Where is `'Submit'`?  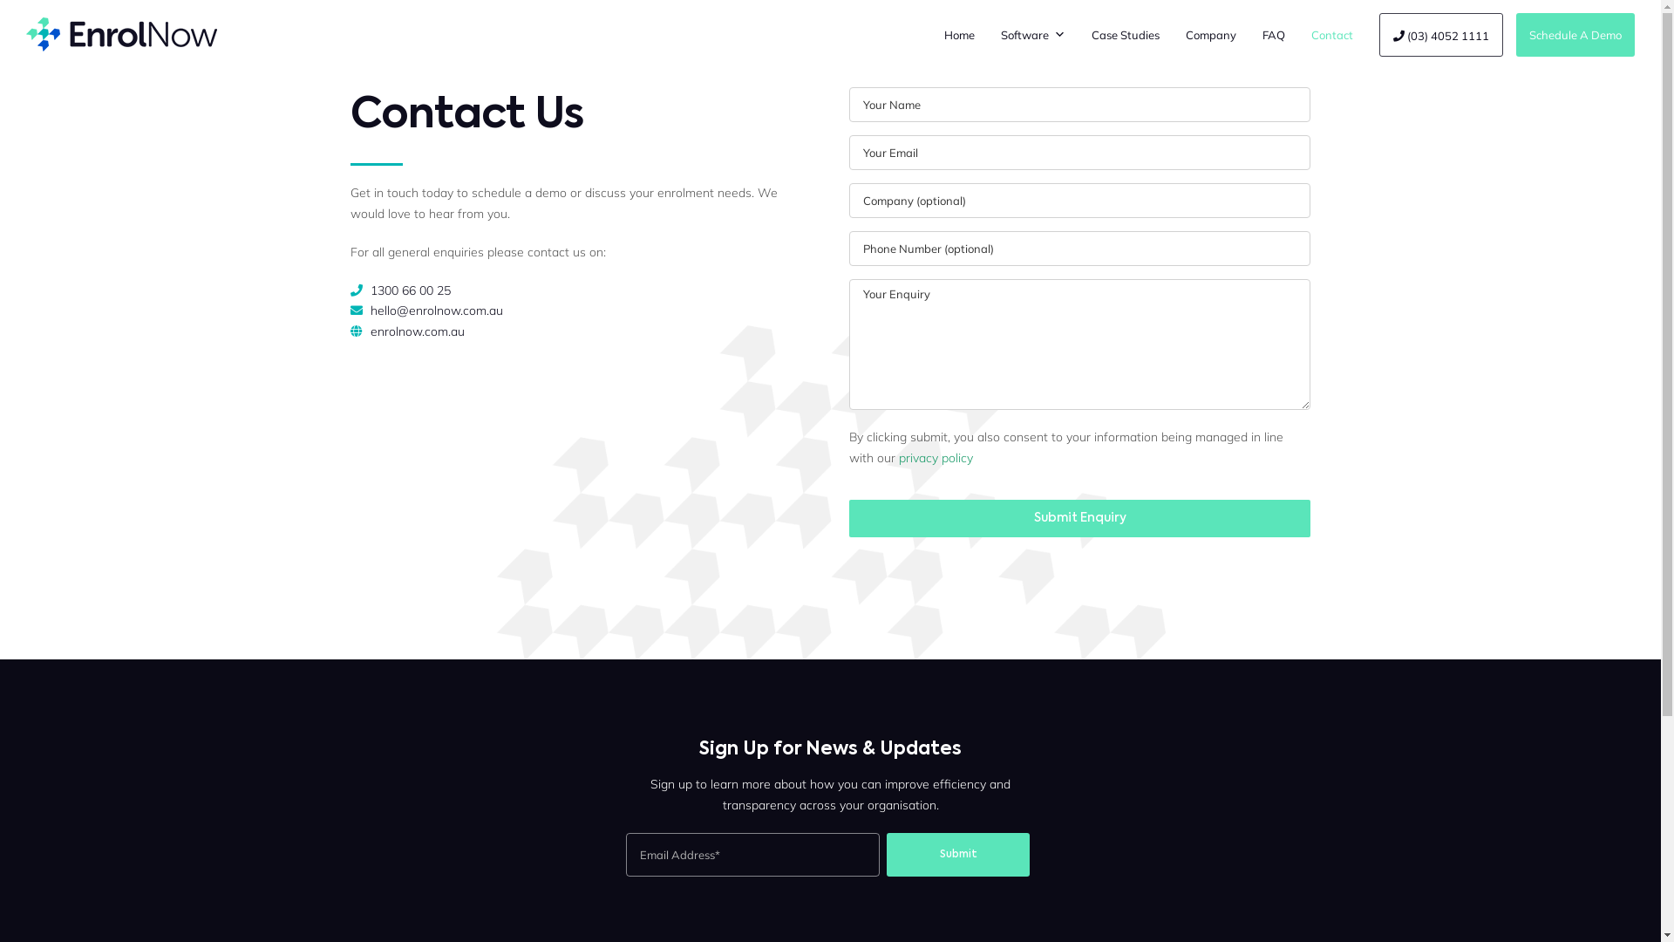
'Submit' is located at coordinates (957, 853).